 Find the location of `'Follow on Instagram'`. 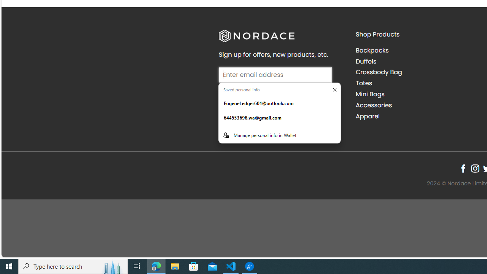

'Follow on Instagram' is located at coordinates (474, 168).